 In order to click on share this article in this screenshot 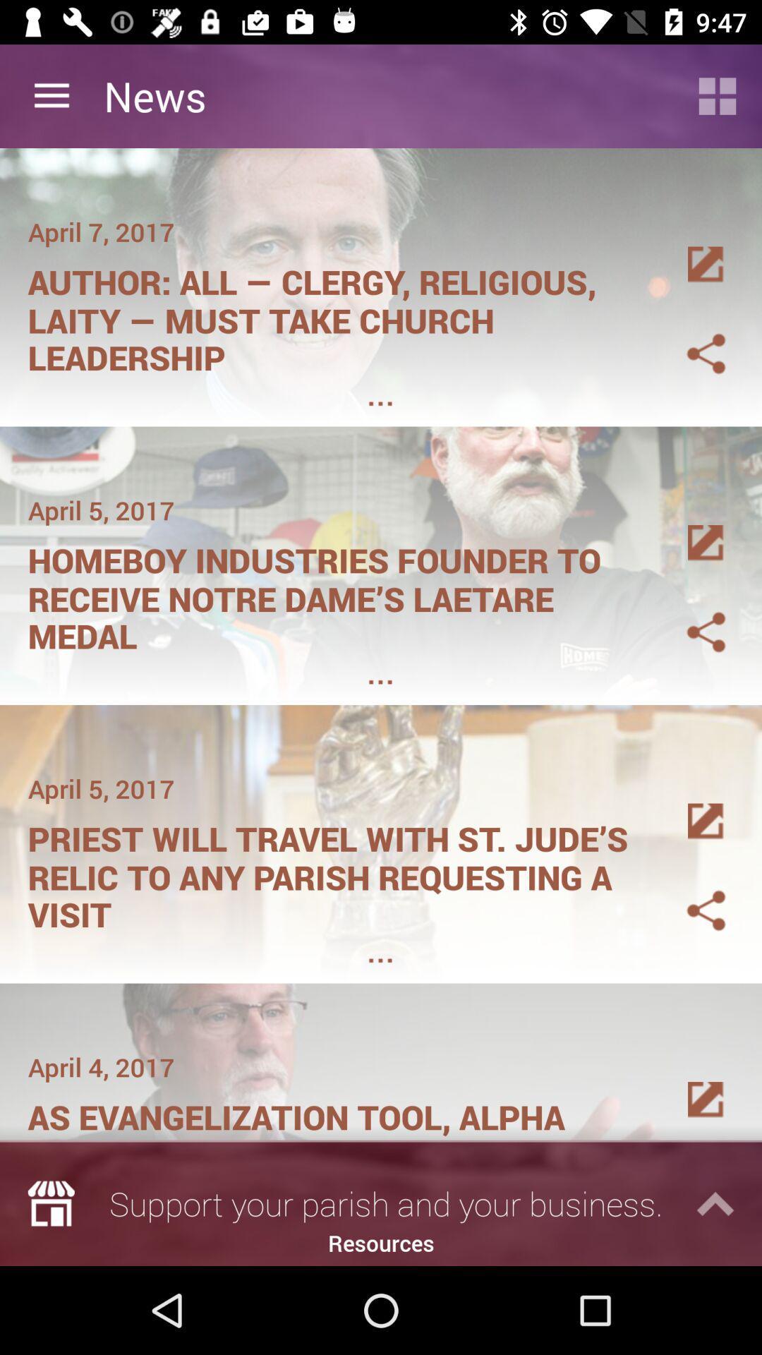, I will do `click(689, 336)`.